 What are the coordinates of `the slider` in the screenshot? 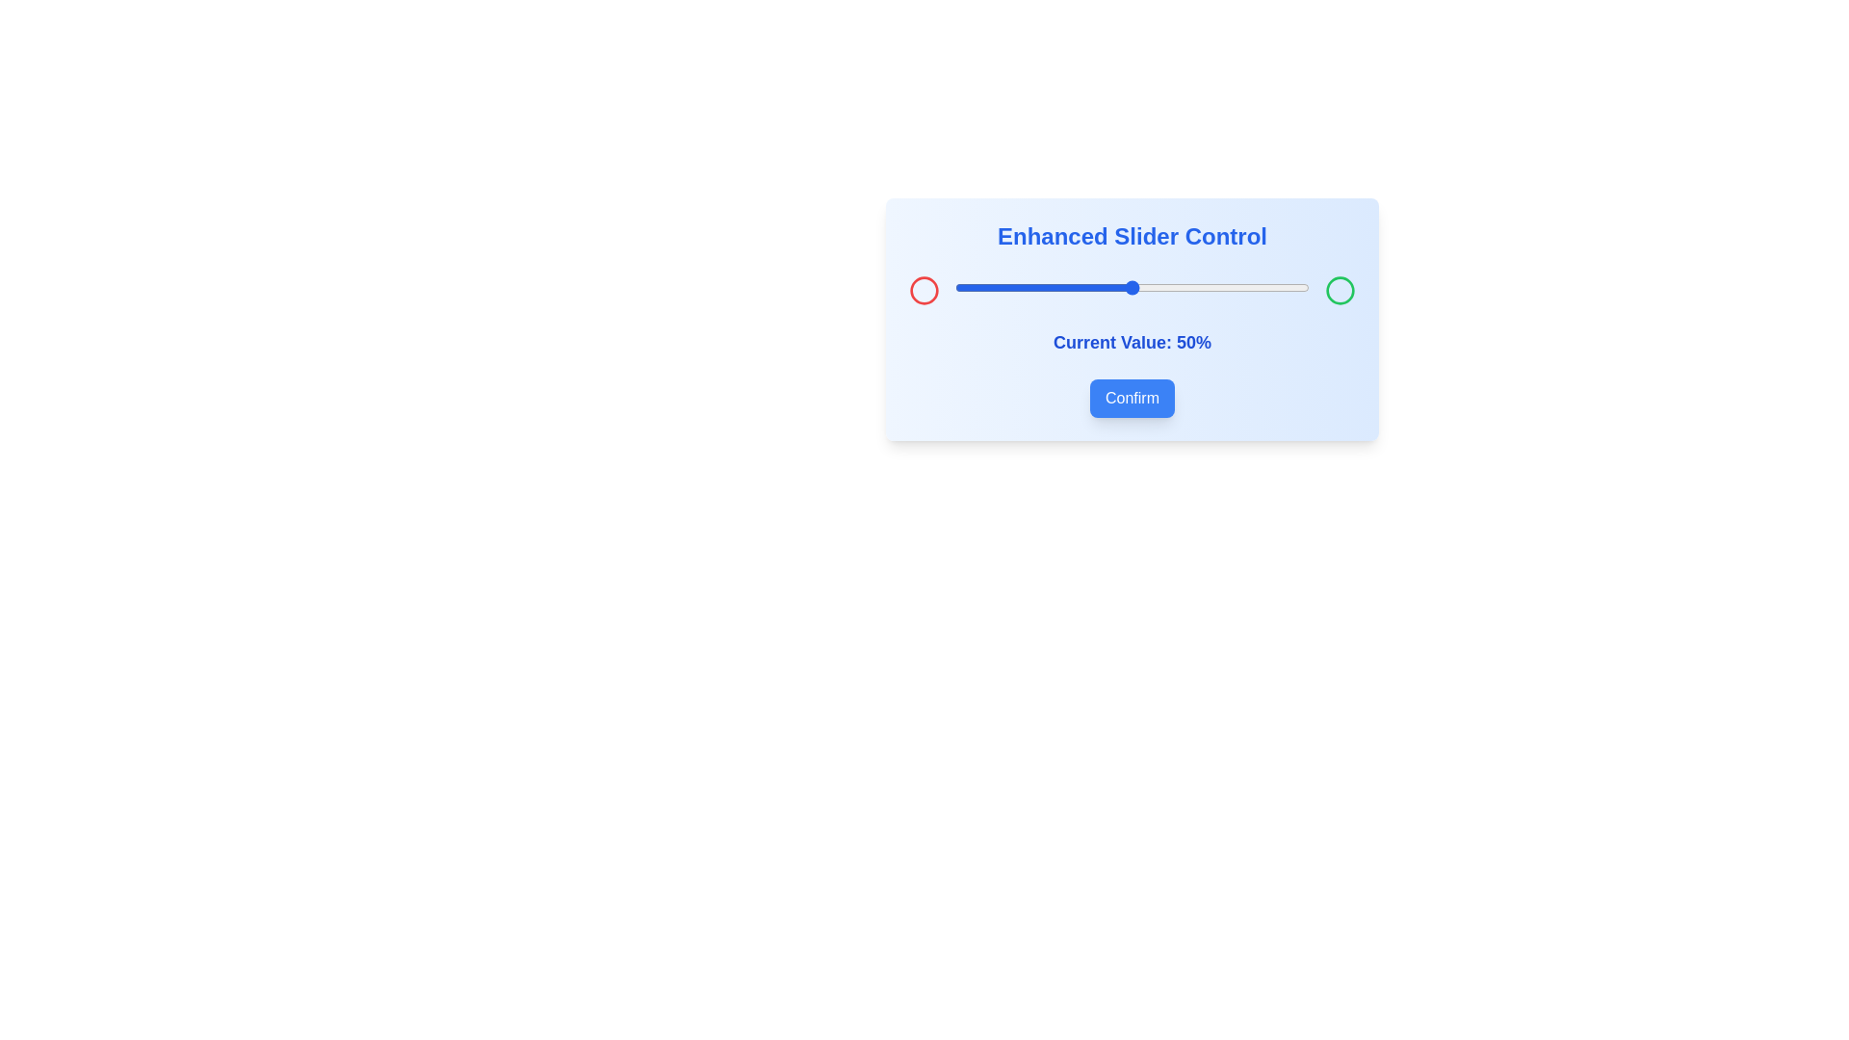 It's located at (1274, 288).